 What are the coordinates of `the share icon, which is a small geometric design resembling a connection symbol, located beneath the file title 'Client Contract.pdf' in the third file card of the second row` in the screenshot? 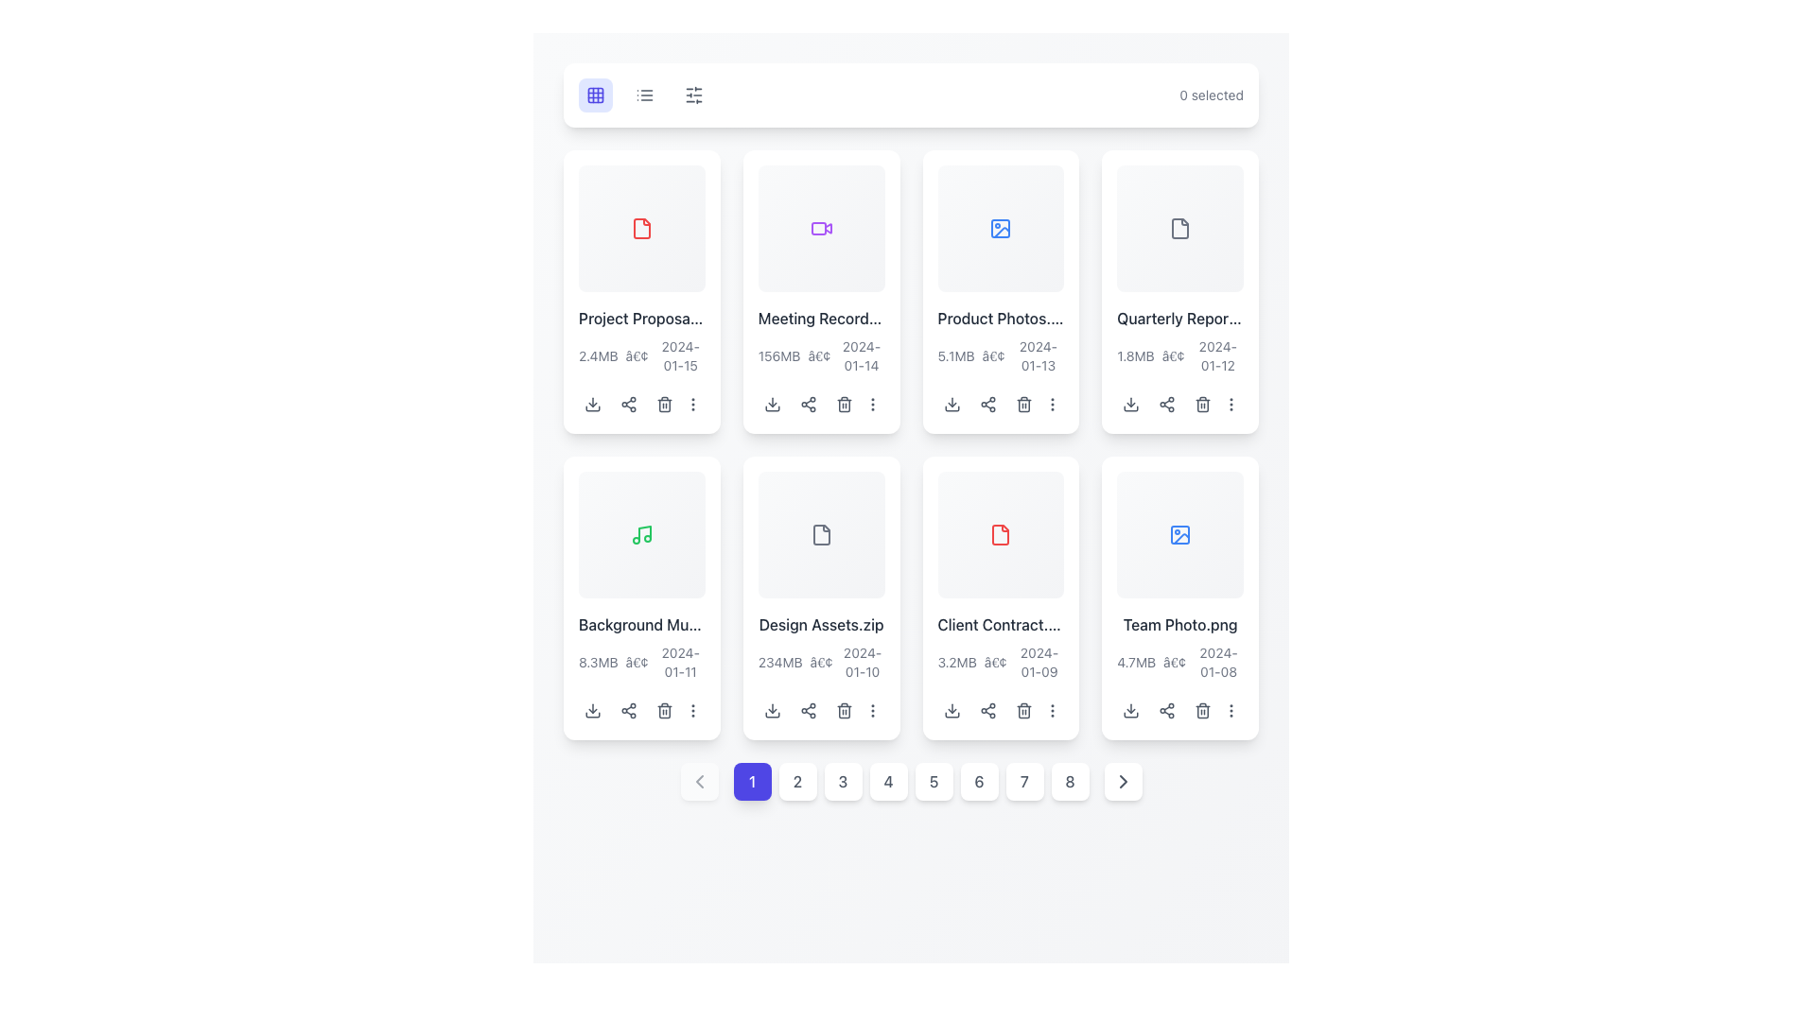 It's located at (987, 710).